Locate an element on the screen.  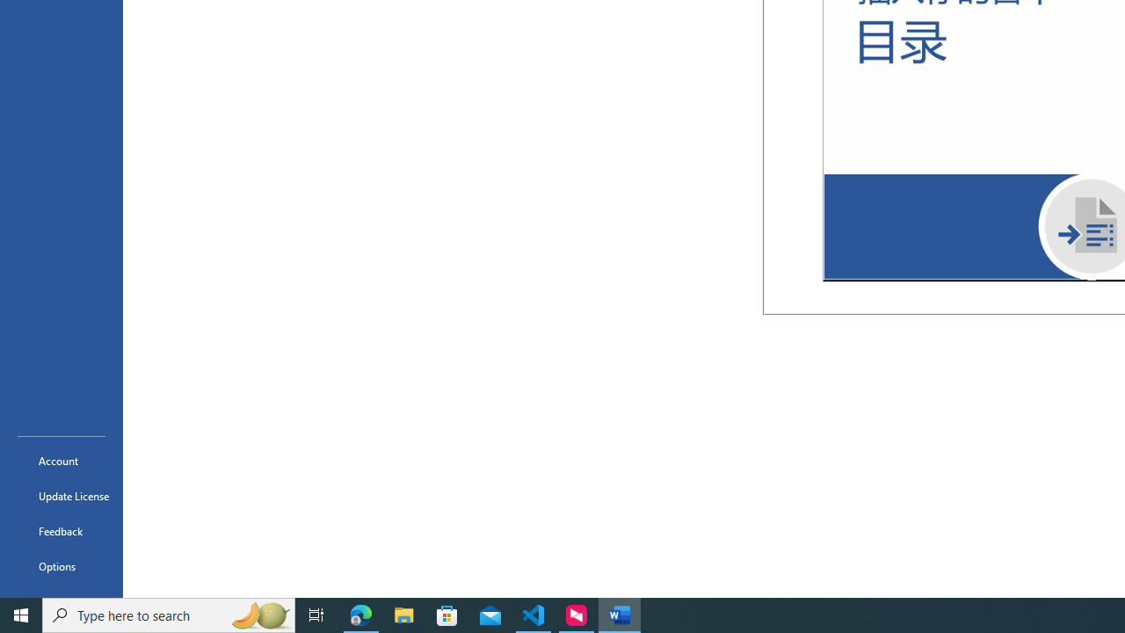
'Account' is located at coordinates (61, 460).